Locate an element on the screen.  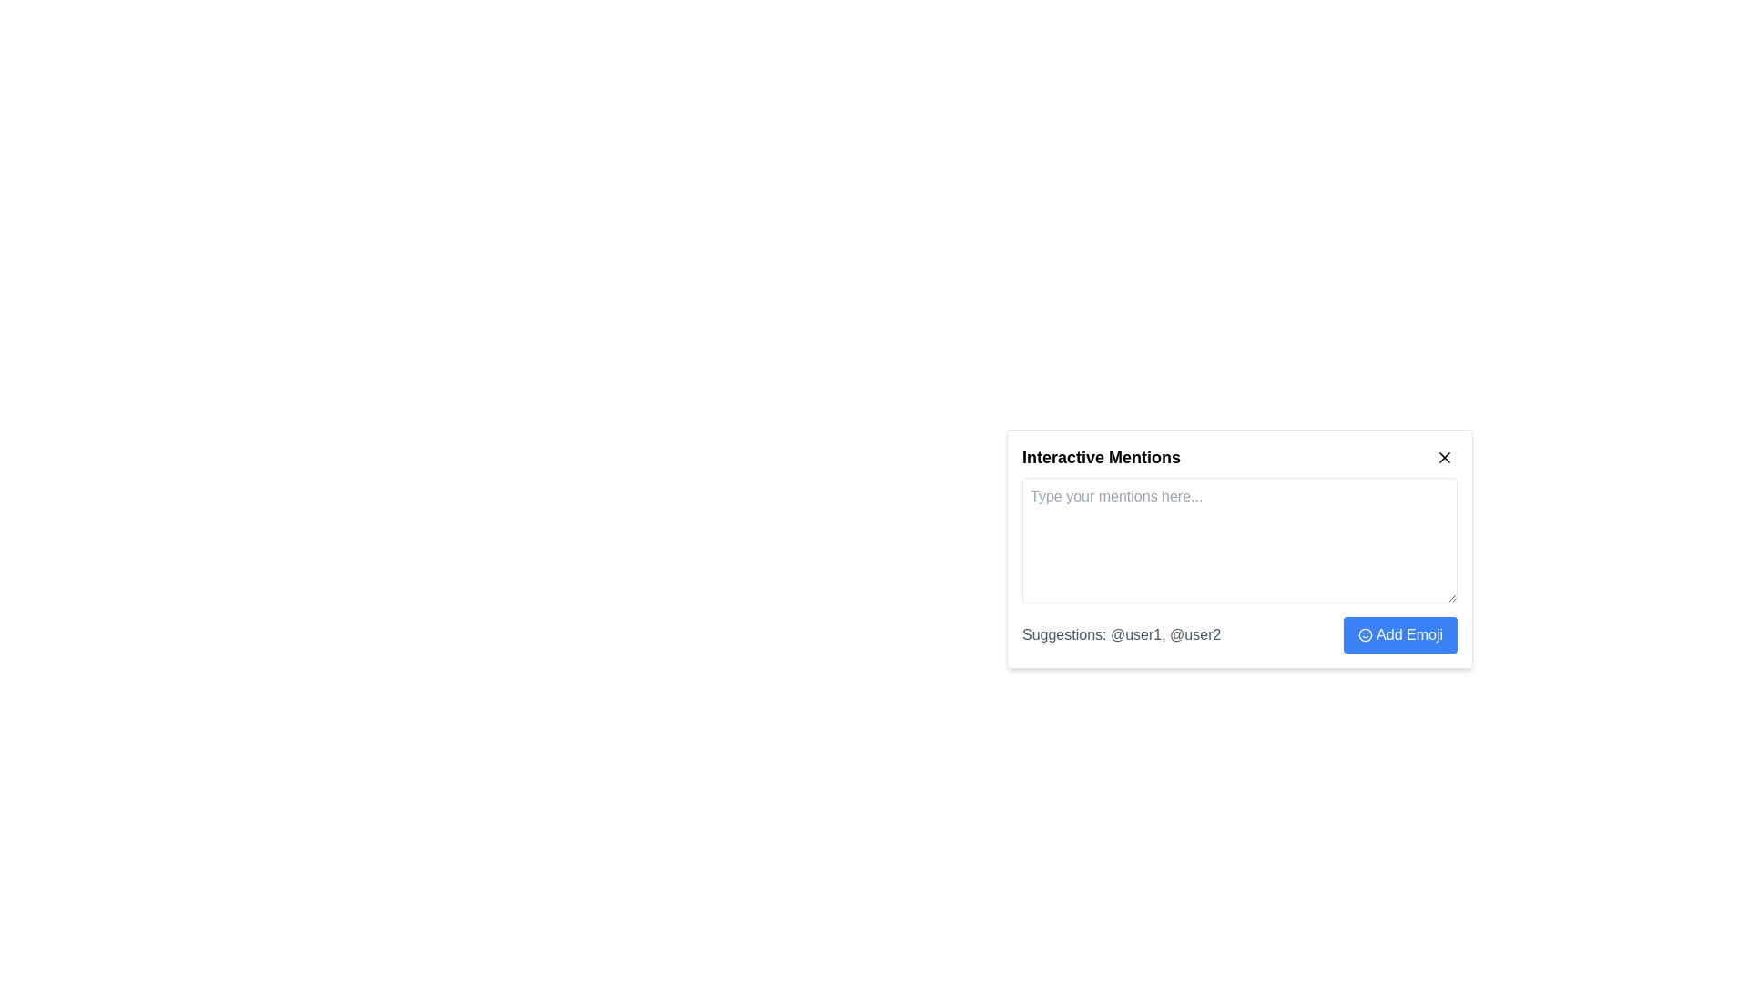
the static text element displaying suggestions for mentions, which includes '@user1' and '@user2', located within the 'Suggestions:' section of the UI is located at coordinates (1165, 633).